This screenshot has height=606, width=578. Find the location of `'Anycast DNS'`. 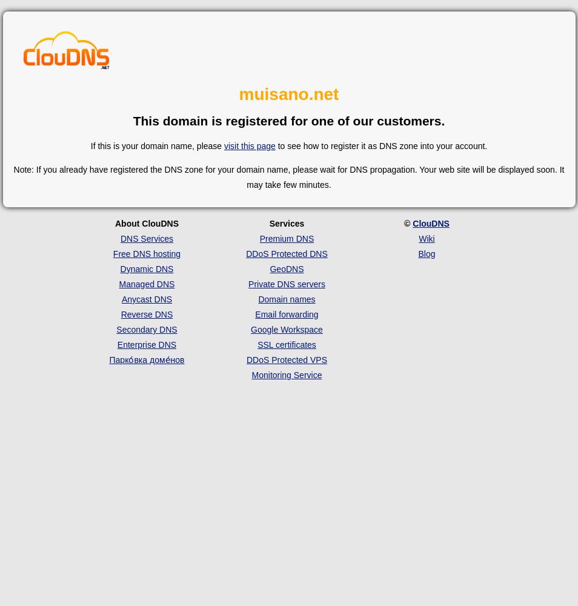

'Anycast DNS' is located at coordinates (120, 298).